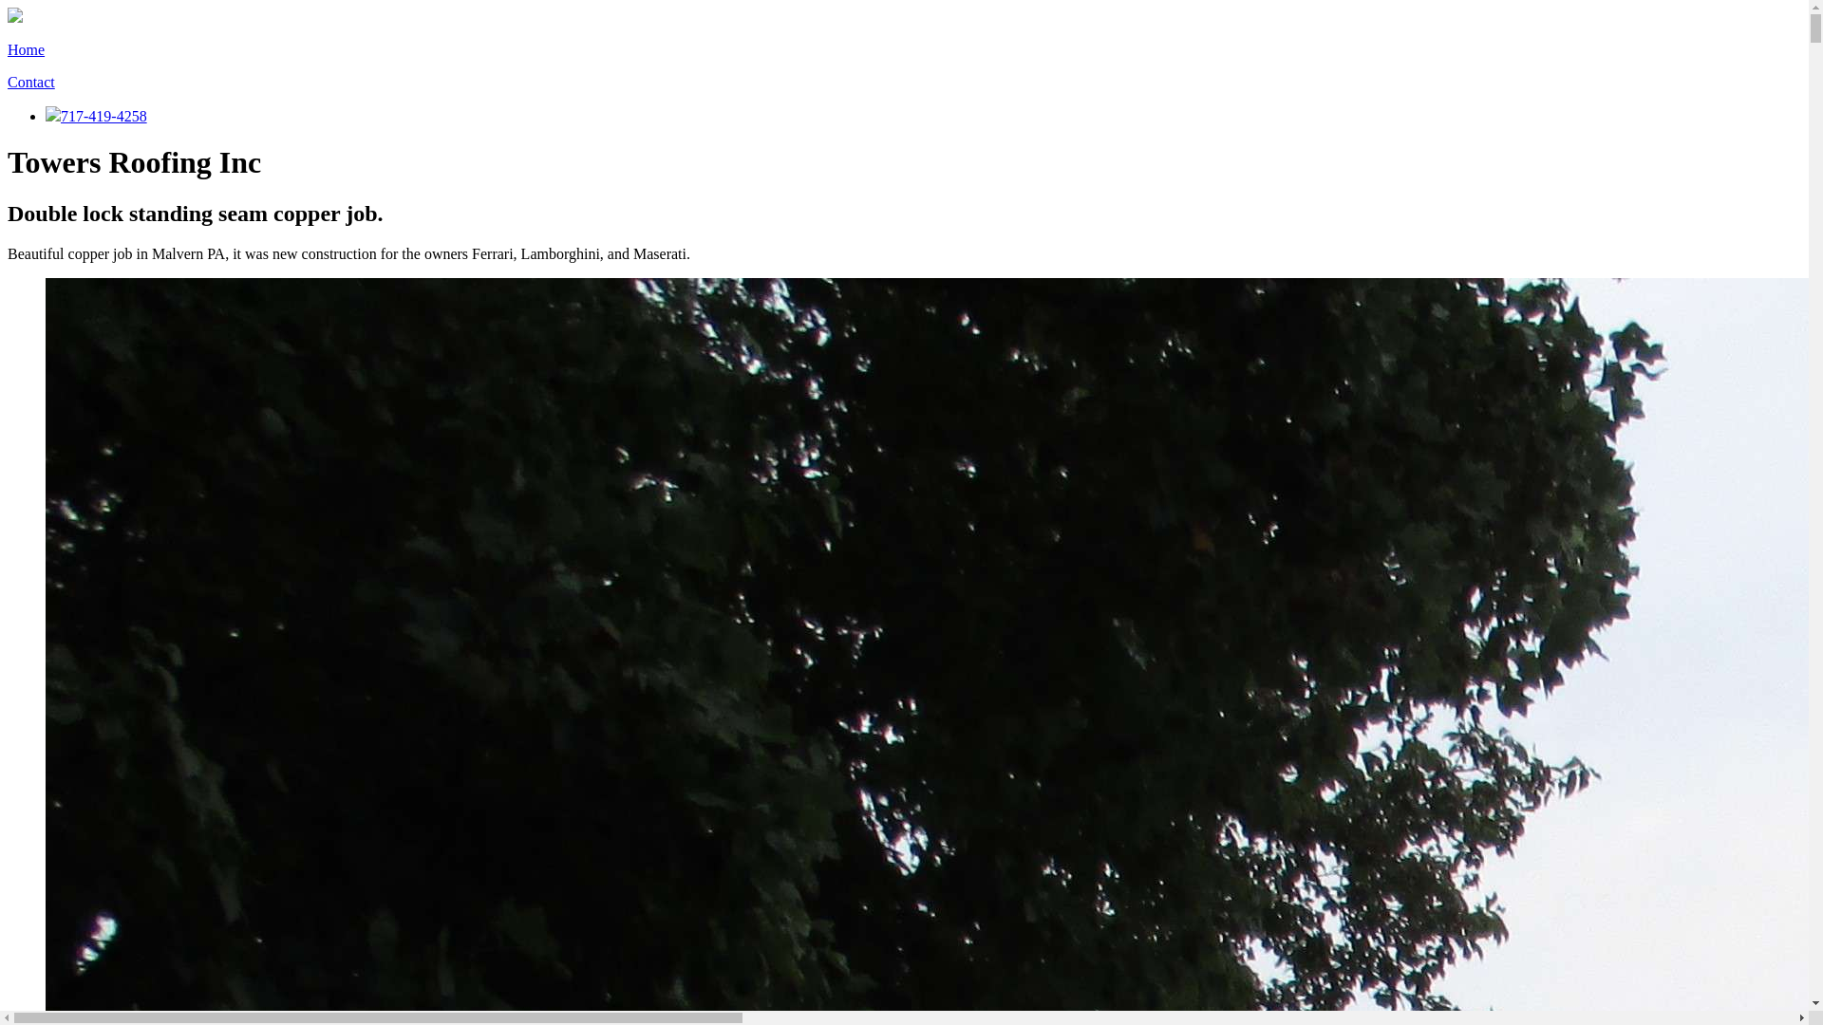 The height and width of the screenshot is (1025, 1823). Describe the element at coordinates (31, 81) in the screenshot. I see `'Contact'` at that location.